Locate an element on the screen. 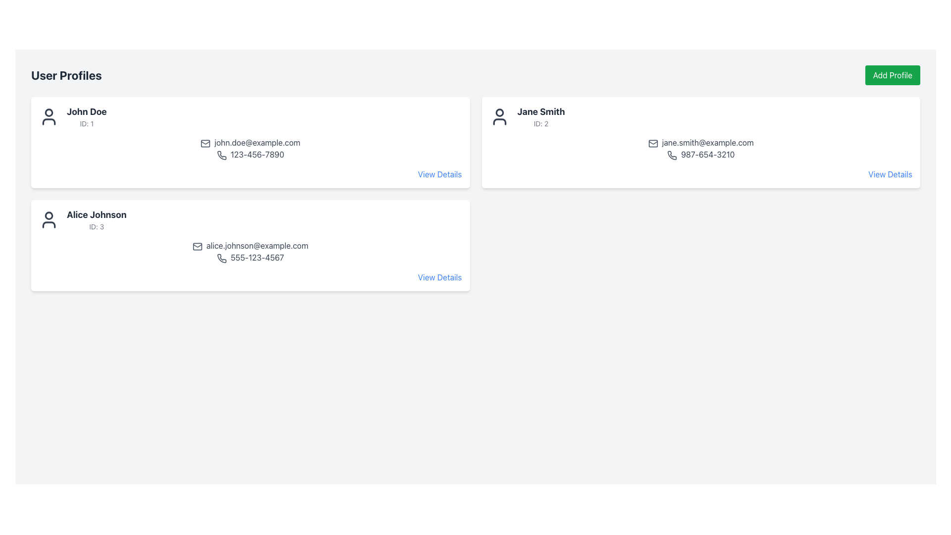  the 'View Details' hyperlink located in the bottom-right corner of Jane Smith's user profile card is located at coordinates (890, 173).